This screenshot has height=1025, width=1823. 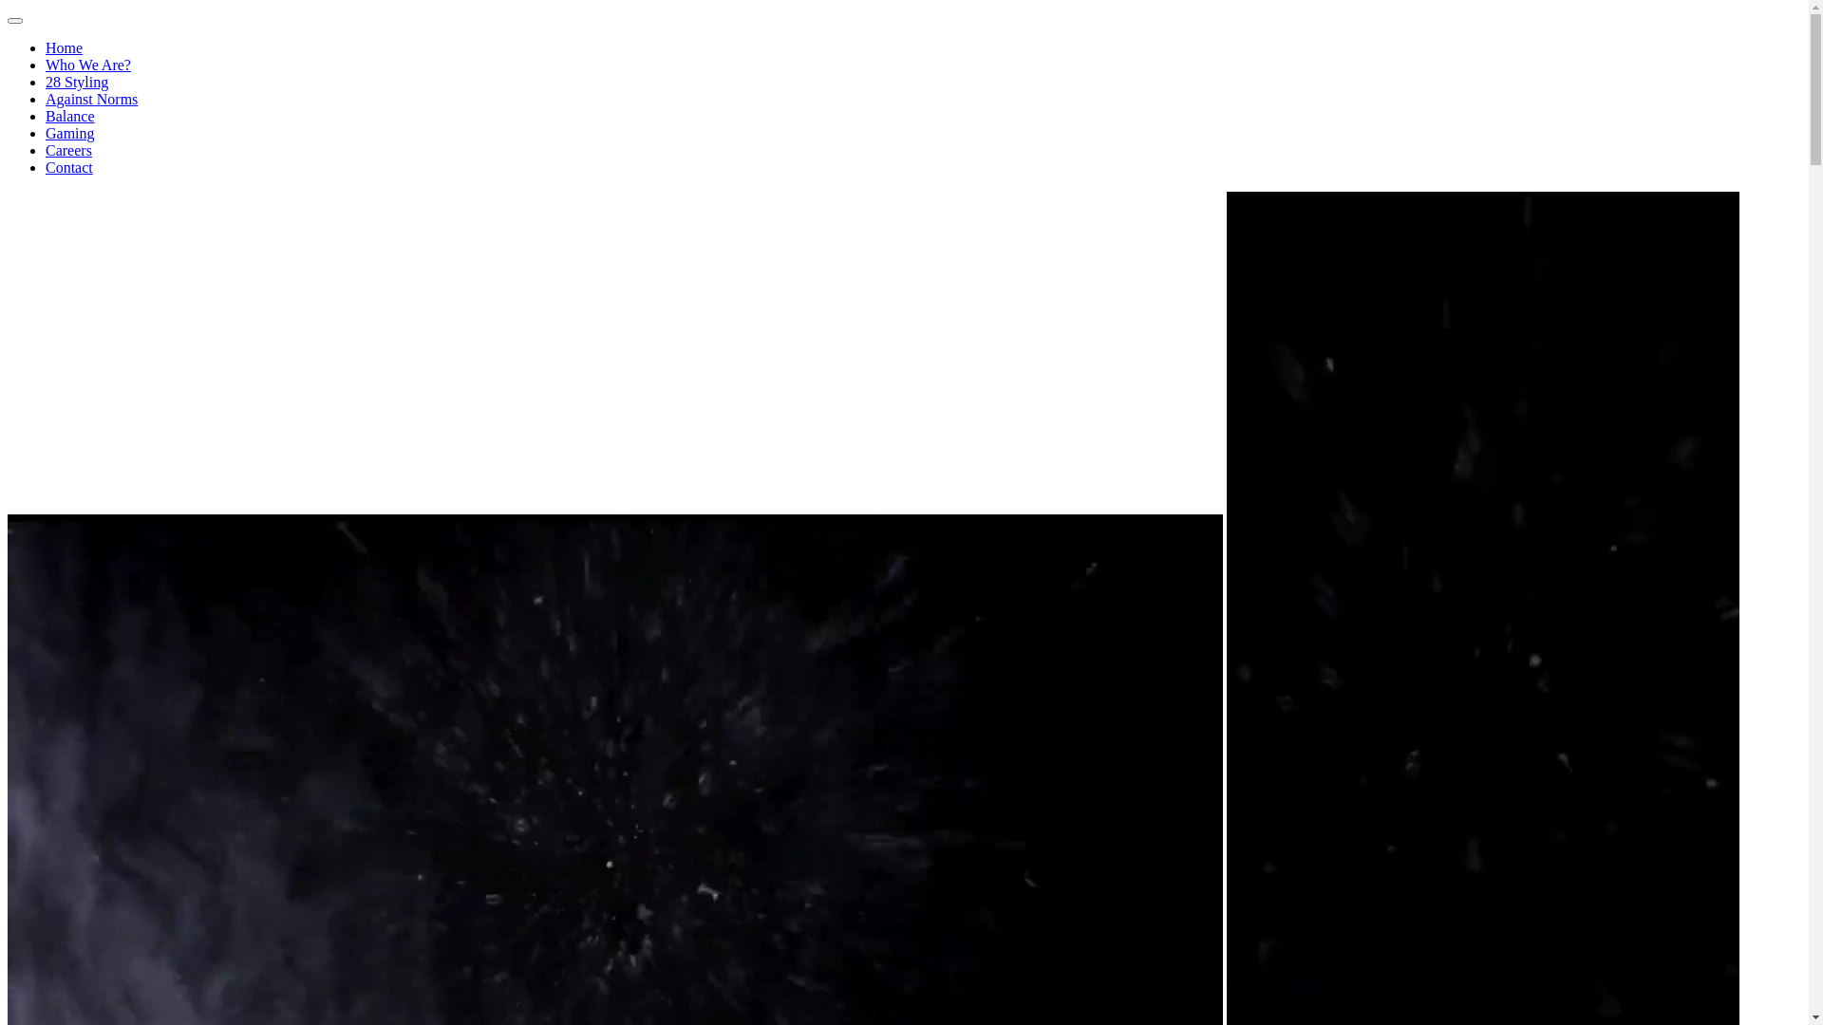 I want to click on 'Gaming', so click(x=46, y=132).